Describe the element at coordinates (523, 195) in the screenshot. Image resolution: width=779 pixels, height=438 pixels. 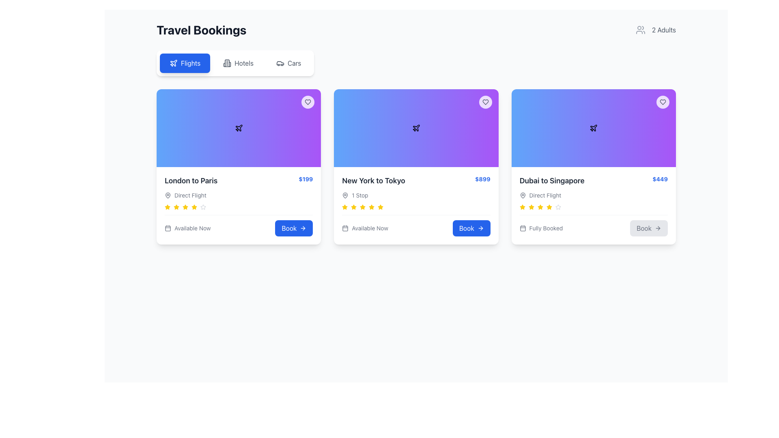
I see `the map pin icon with a gray outline located to the left of the 'Direct Flight' label in the trip card from 'Dubai to Singapore'` at that location.